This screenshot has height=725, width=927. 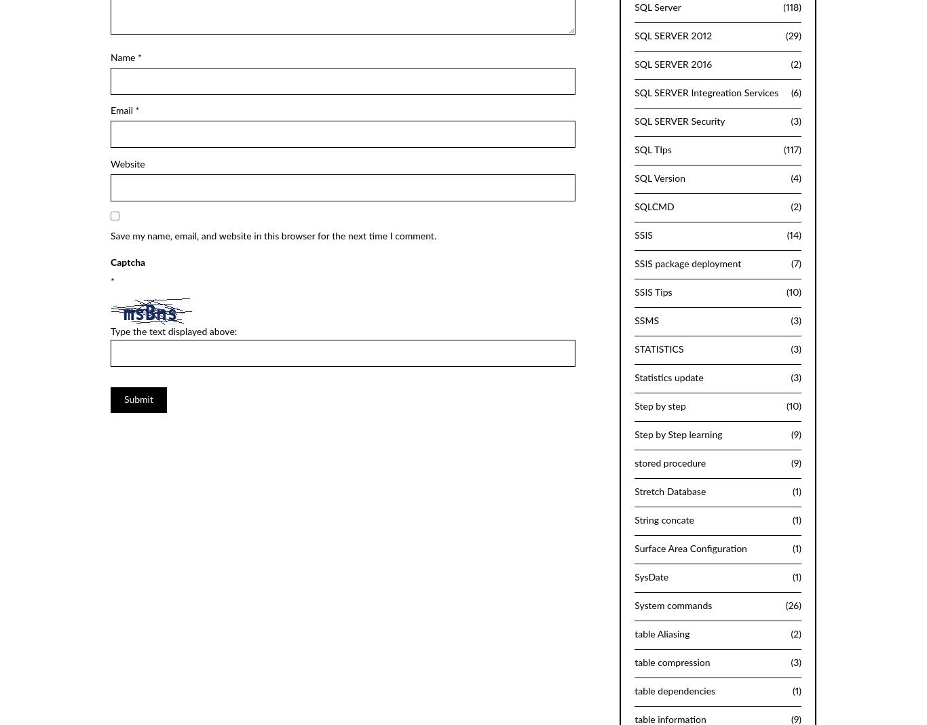 I want to click on 'Step by Step learning', so click(x=678, y=434).